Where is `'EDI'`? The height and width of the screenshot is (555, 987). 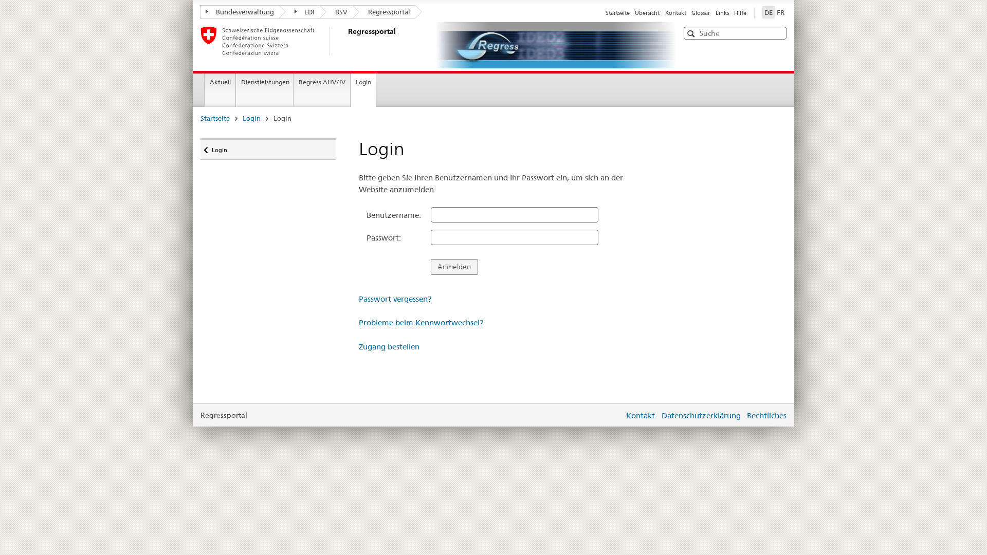 'EDI' is located at coordinates (299, 12).